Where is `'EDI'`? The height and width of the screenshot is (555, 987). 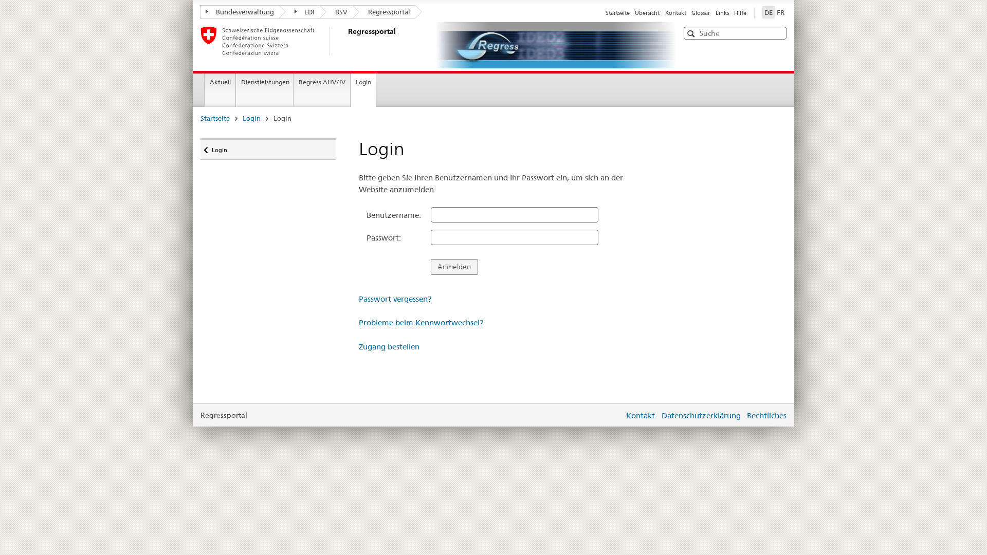 'EDI' is located at coordinates (299, 12).